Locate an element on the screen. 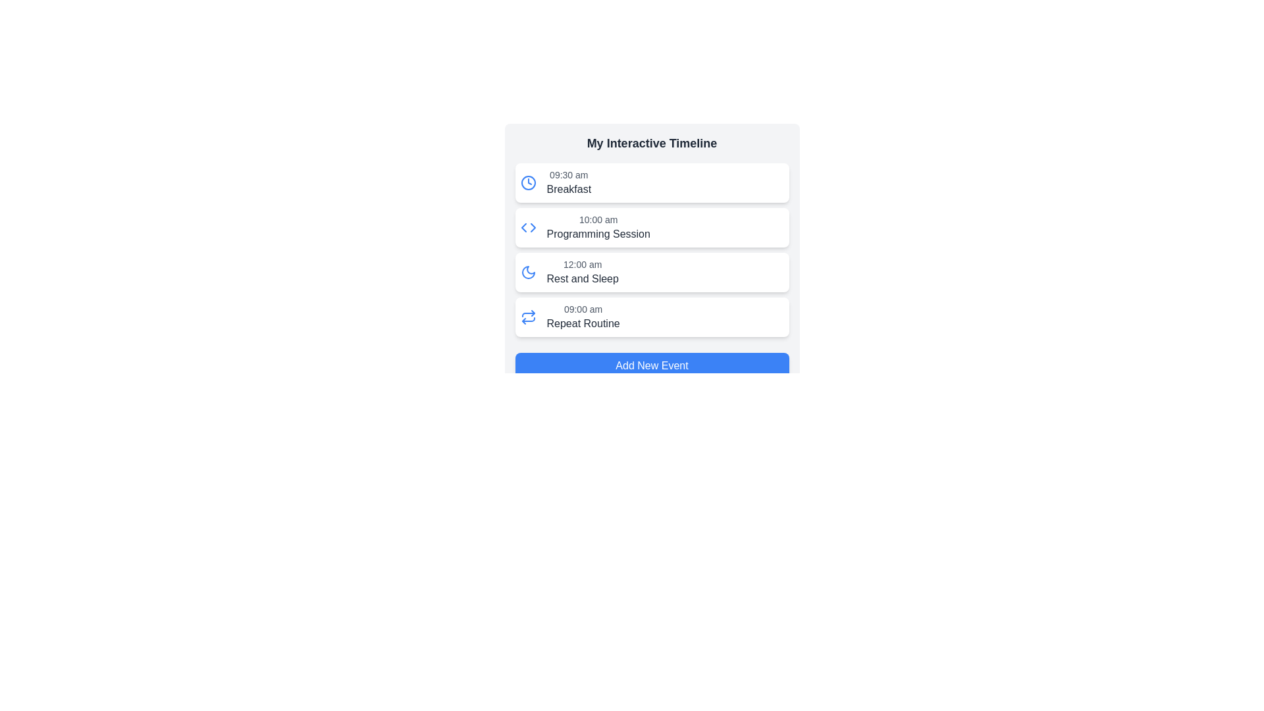 Image resolution: width=1264 pixels, height=711 pixels. the blue repeat icon with circular arrows located to the left of the '09:00 am' text and 'Repeat Routine' in the last item of the events list is located at coordinates (528, 317).